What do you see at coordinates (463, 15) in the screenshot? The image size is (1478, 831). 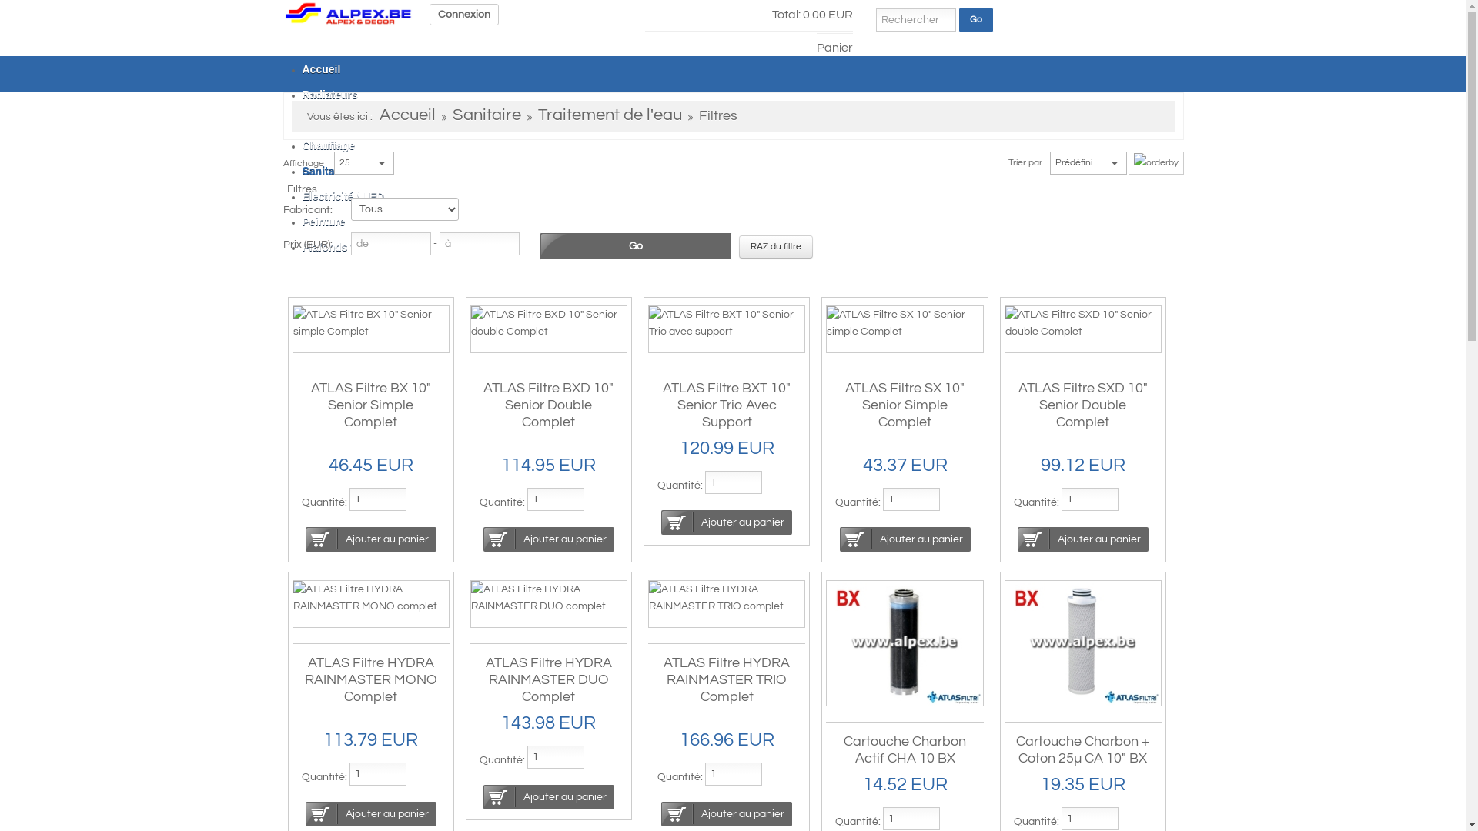 I see `'Connexion'` at bounding box center [463, 15].